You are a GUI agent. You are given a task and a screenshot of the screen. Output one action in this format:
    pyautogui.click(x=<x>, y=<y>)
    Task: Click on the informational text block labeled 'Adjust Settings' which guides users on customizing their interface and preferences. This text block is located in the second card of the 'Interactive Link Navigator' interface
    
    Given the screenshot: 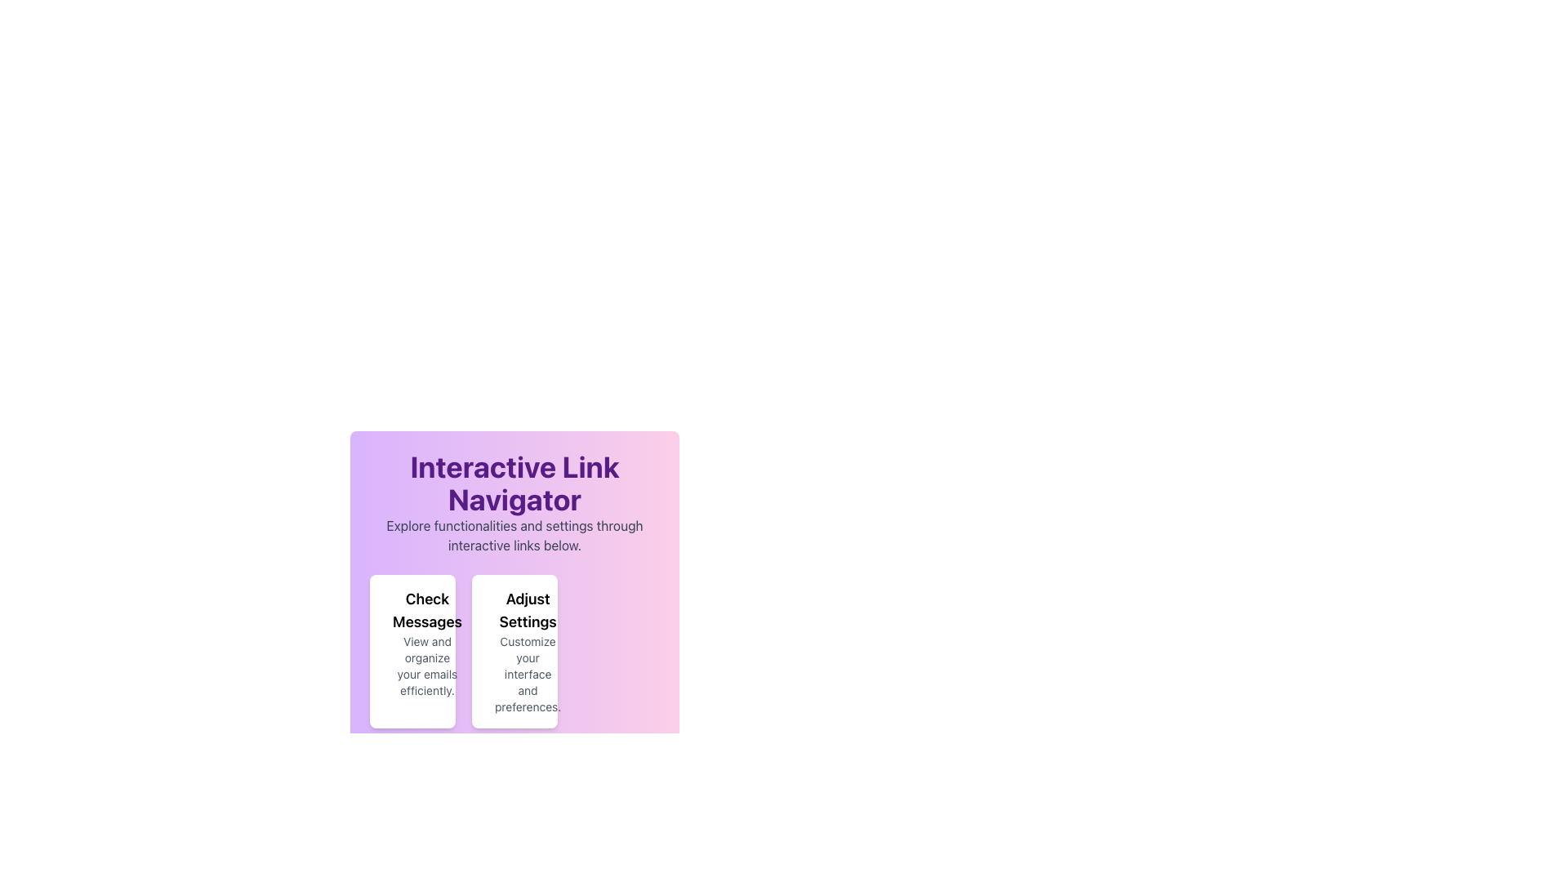 What is the action you would take?
    pyautogui.click(x=528, y=651)
    